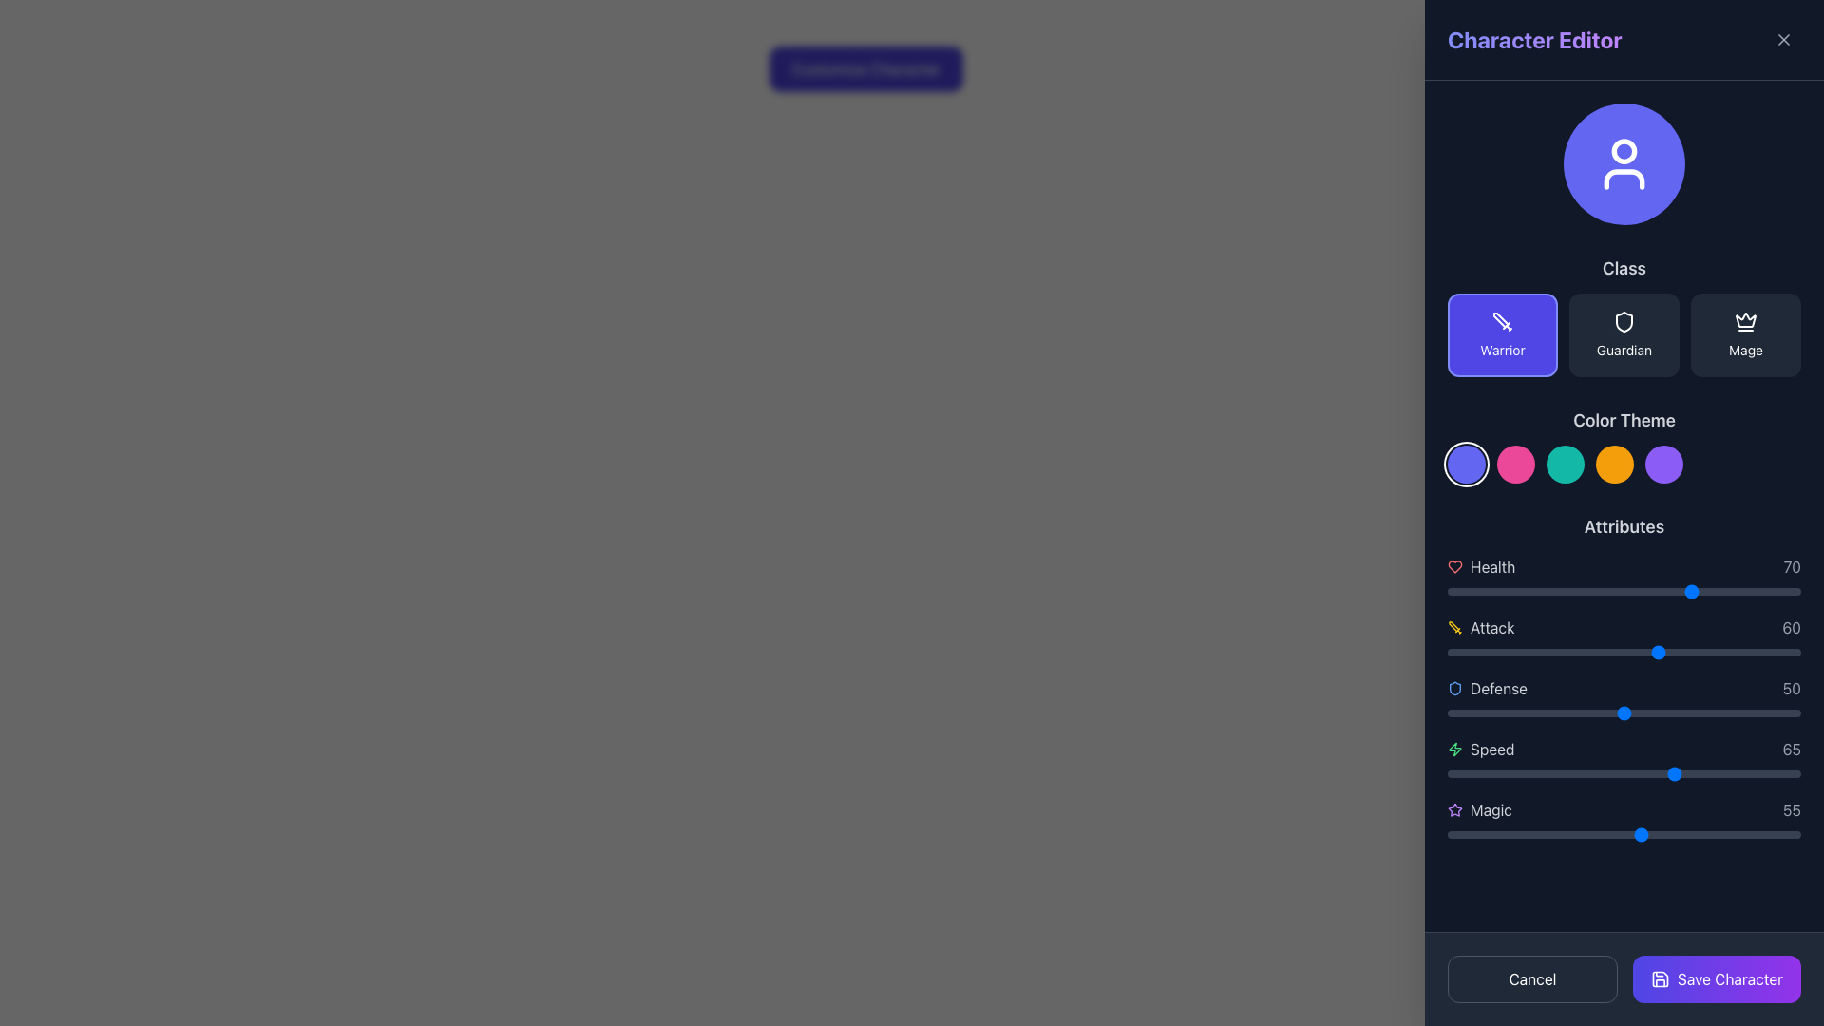  What do you see at coordinates (1490, 809) in the screenshot?
I see `the text label displaying 'Magic' styled with a gray font color, located next to a purple star icon in the Attributes section of the sidebar` at bounding box center [1490, 809].